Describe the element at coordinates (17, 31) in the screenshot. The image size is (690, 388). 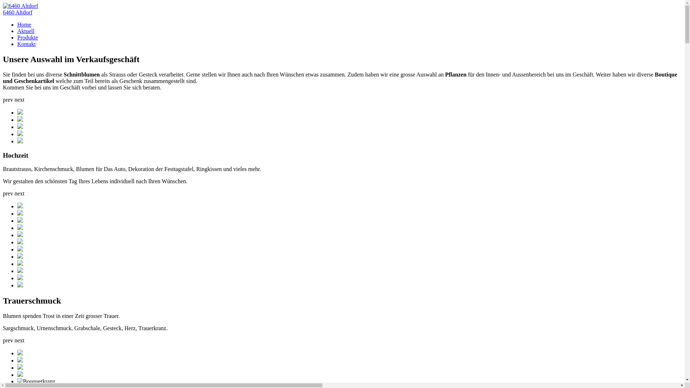
I see `'Aktuell'` at that location.